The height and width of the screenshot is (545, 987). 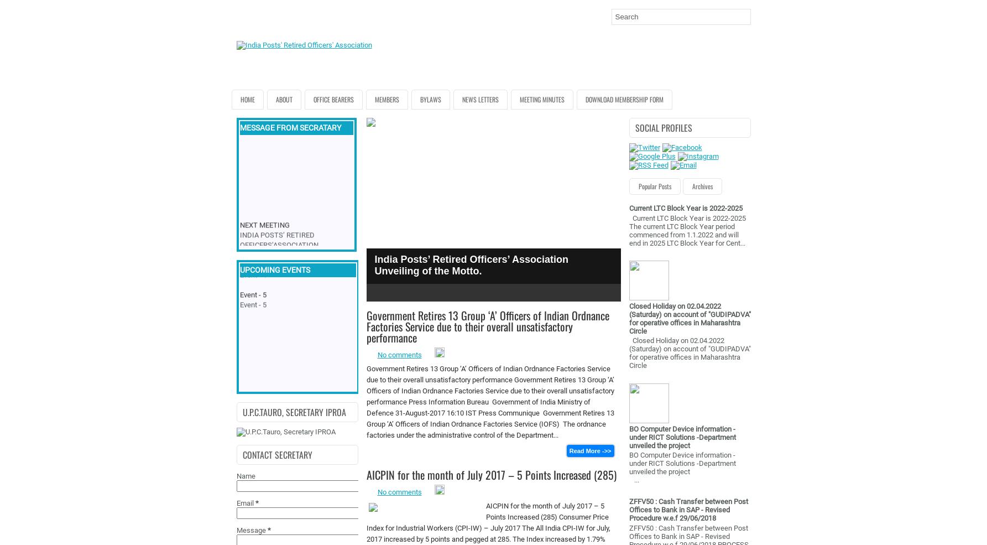 I want to click on 'Current LTC Block Year is 2022-2025', so click(x=685, y=208).